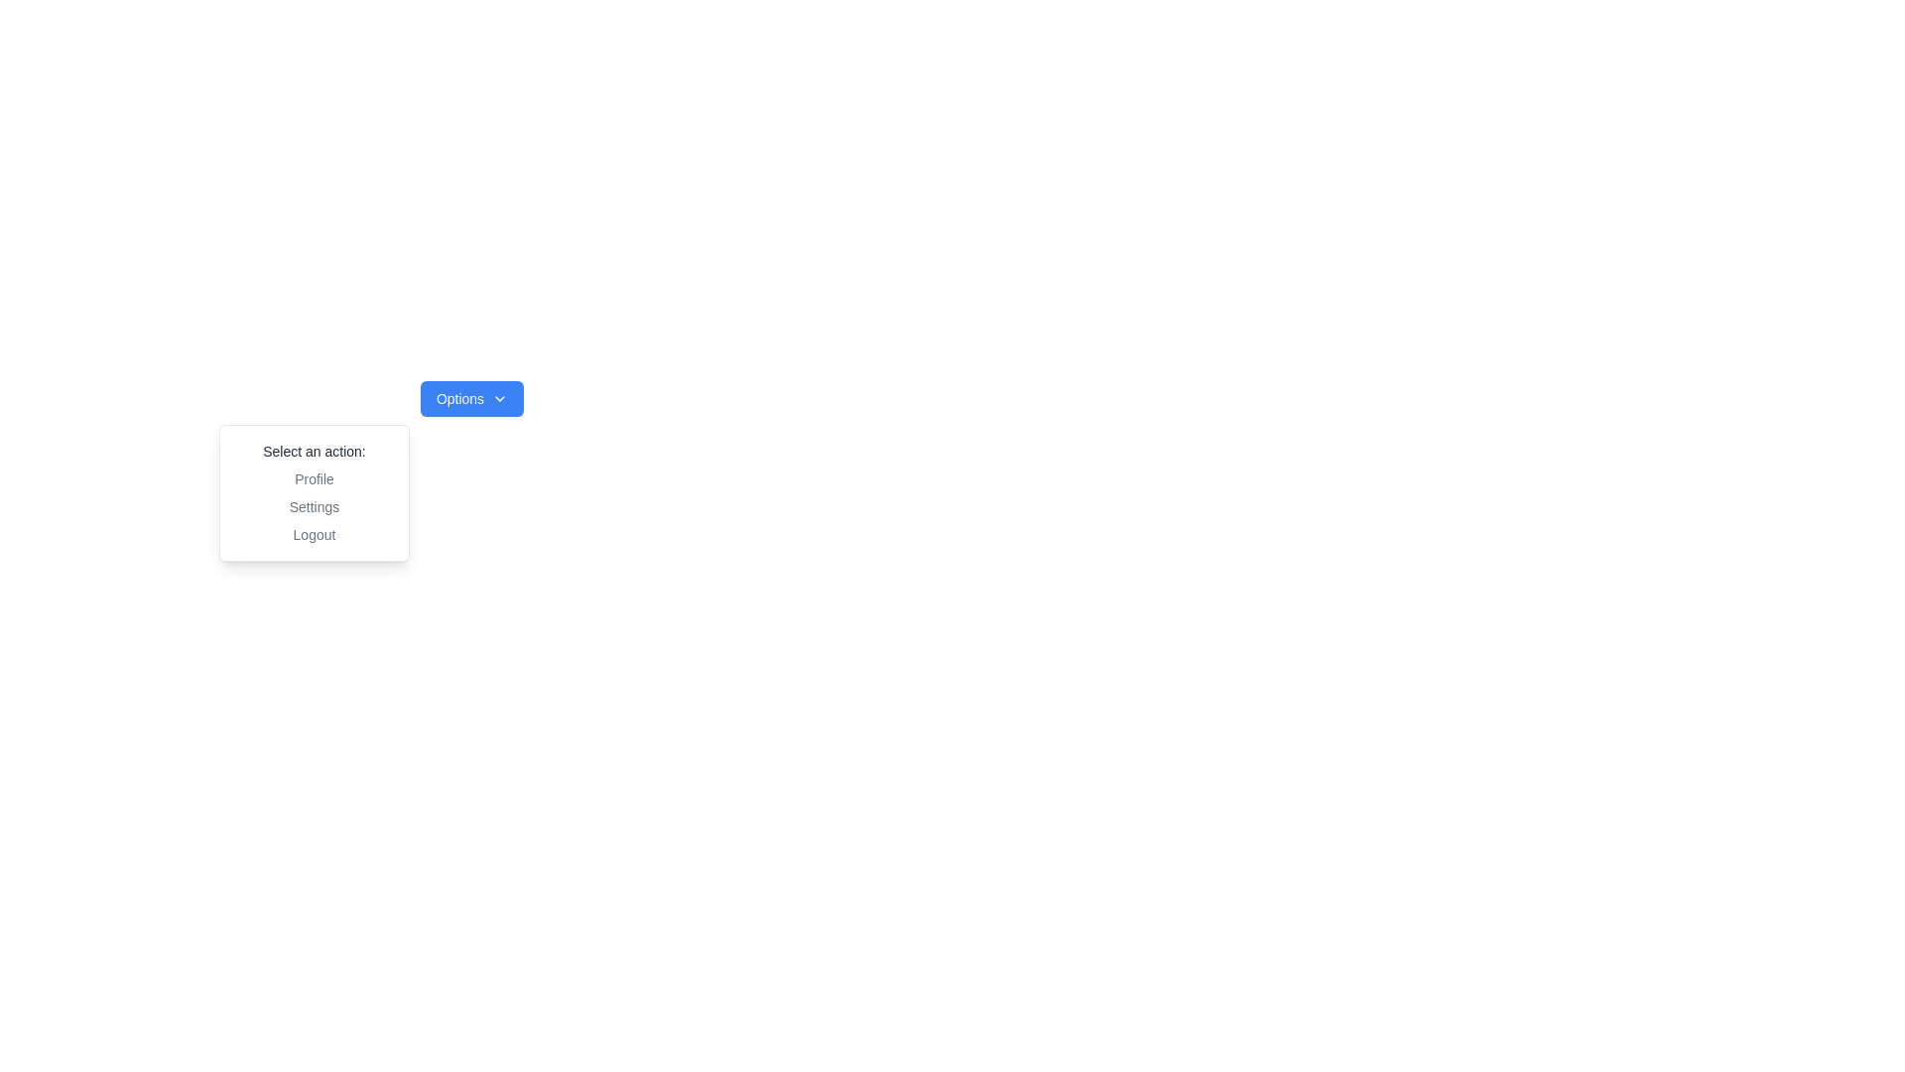 This screenshot has height=1072, width=1905. Describe the element at coordinates (313, 505) in the screenshot. I see `the action selector menu located below the title 'Select an action:', which allows users to choose between 'Profile', 'Settings', and 'Logout'` at that location.